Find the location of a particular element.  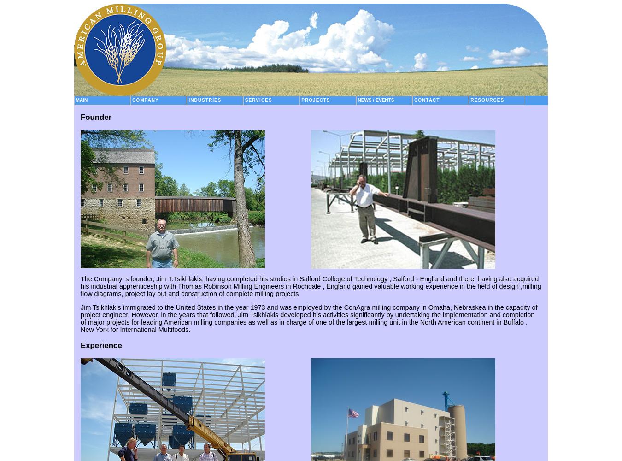

'Resources' is located at coordinates (487, 100).